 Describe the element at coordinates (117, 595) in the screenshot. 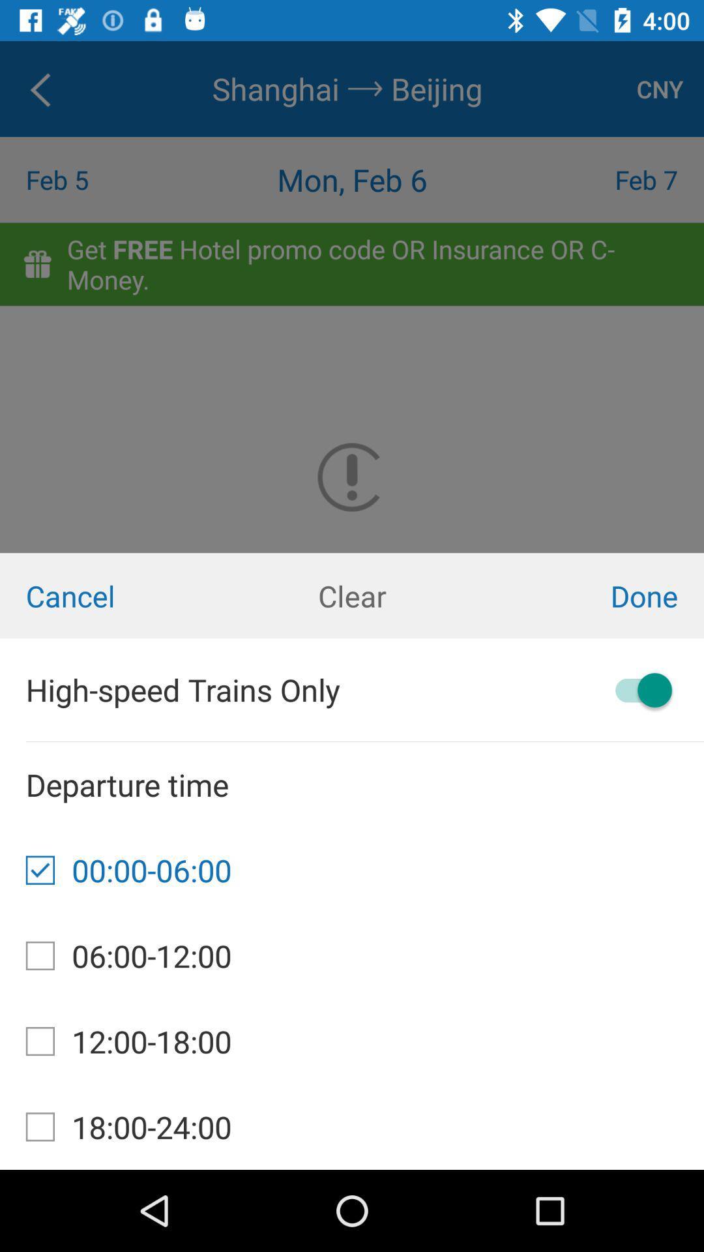

I see `the icon to the left of the clear` at that location.